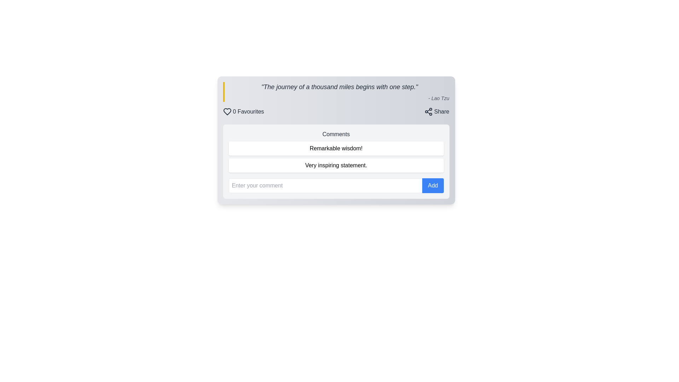 The height and width of the screenshot is (382, 679). I want to click on the static text label that serves as a header for the comments section, which is positioned at the top of the interface and horizontally centered within a light gray background, so click(336, 134).